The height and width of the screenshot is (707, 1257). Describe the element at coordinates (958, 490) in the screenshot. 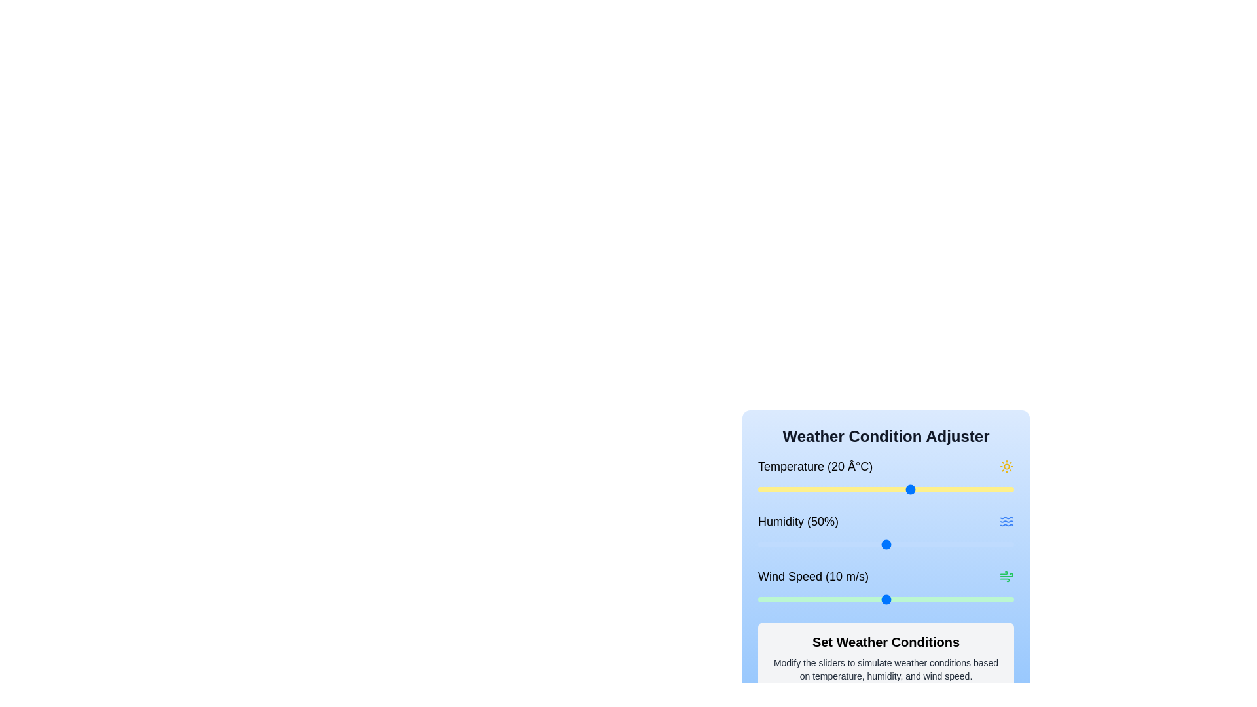

I see `the temperature slider to set the temperature to 29 degrees Celsius` at that location.